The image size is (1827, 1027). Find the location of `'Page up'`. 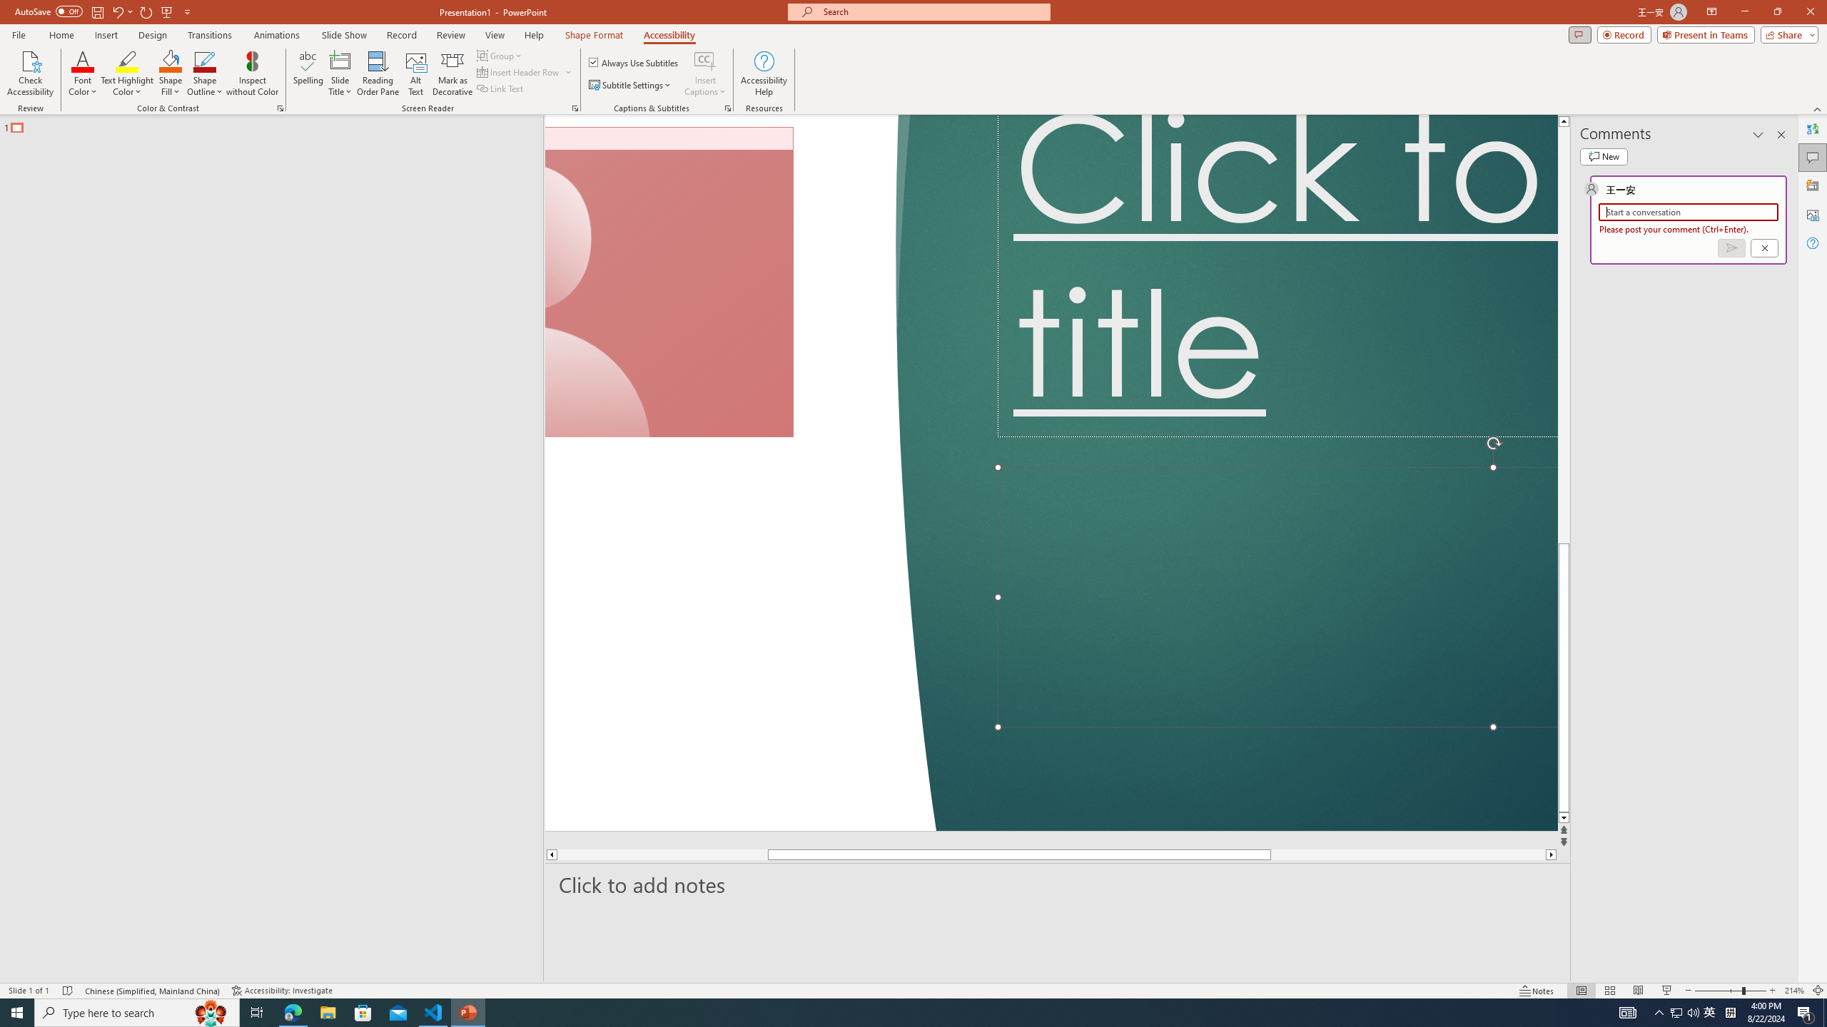

'Page up' is located at coordinates (1563, 334).